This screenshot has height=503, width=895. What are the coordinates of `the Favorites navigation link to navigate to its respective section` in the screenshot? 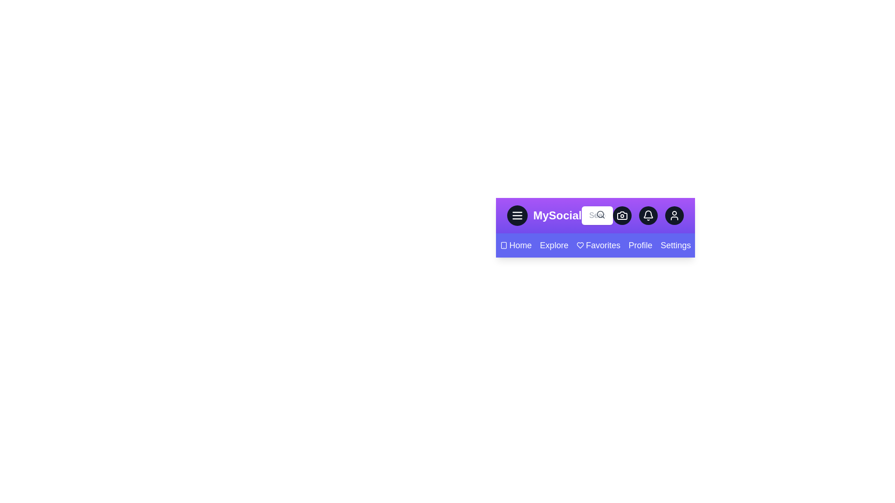 It's located at (598, 245).